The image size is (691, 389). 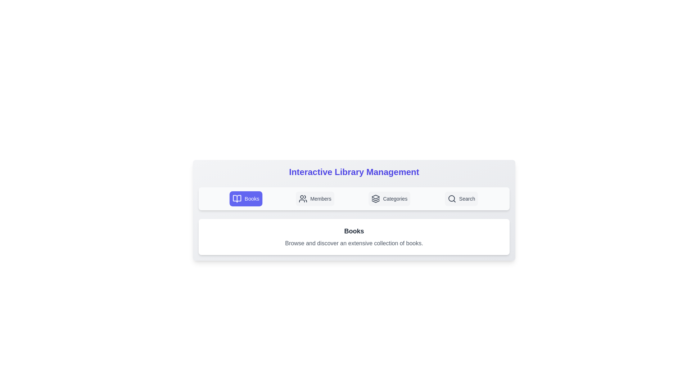 I want to click on the bottom-most icon in a layered triangular design, which represents grouped entities in the interface, so click(x=375, y=201).